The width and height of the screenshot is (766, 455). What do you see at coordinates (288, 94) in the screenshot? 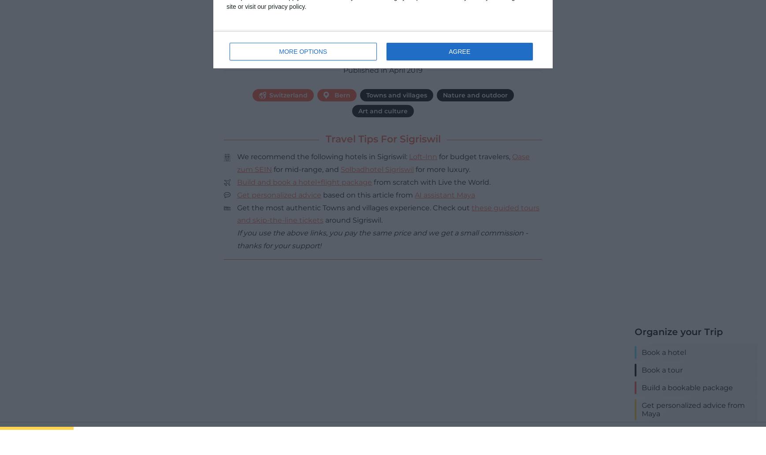
I see `'Switzerland'` at bounding box center [288, 94].